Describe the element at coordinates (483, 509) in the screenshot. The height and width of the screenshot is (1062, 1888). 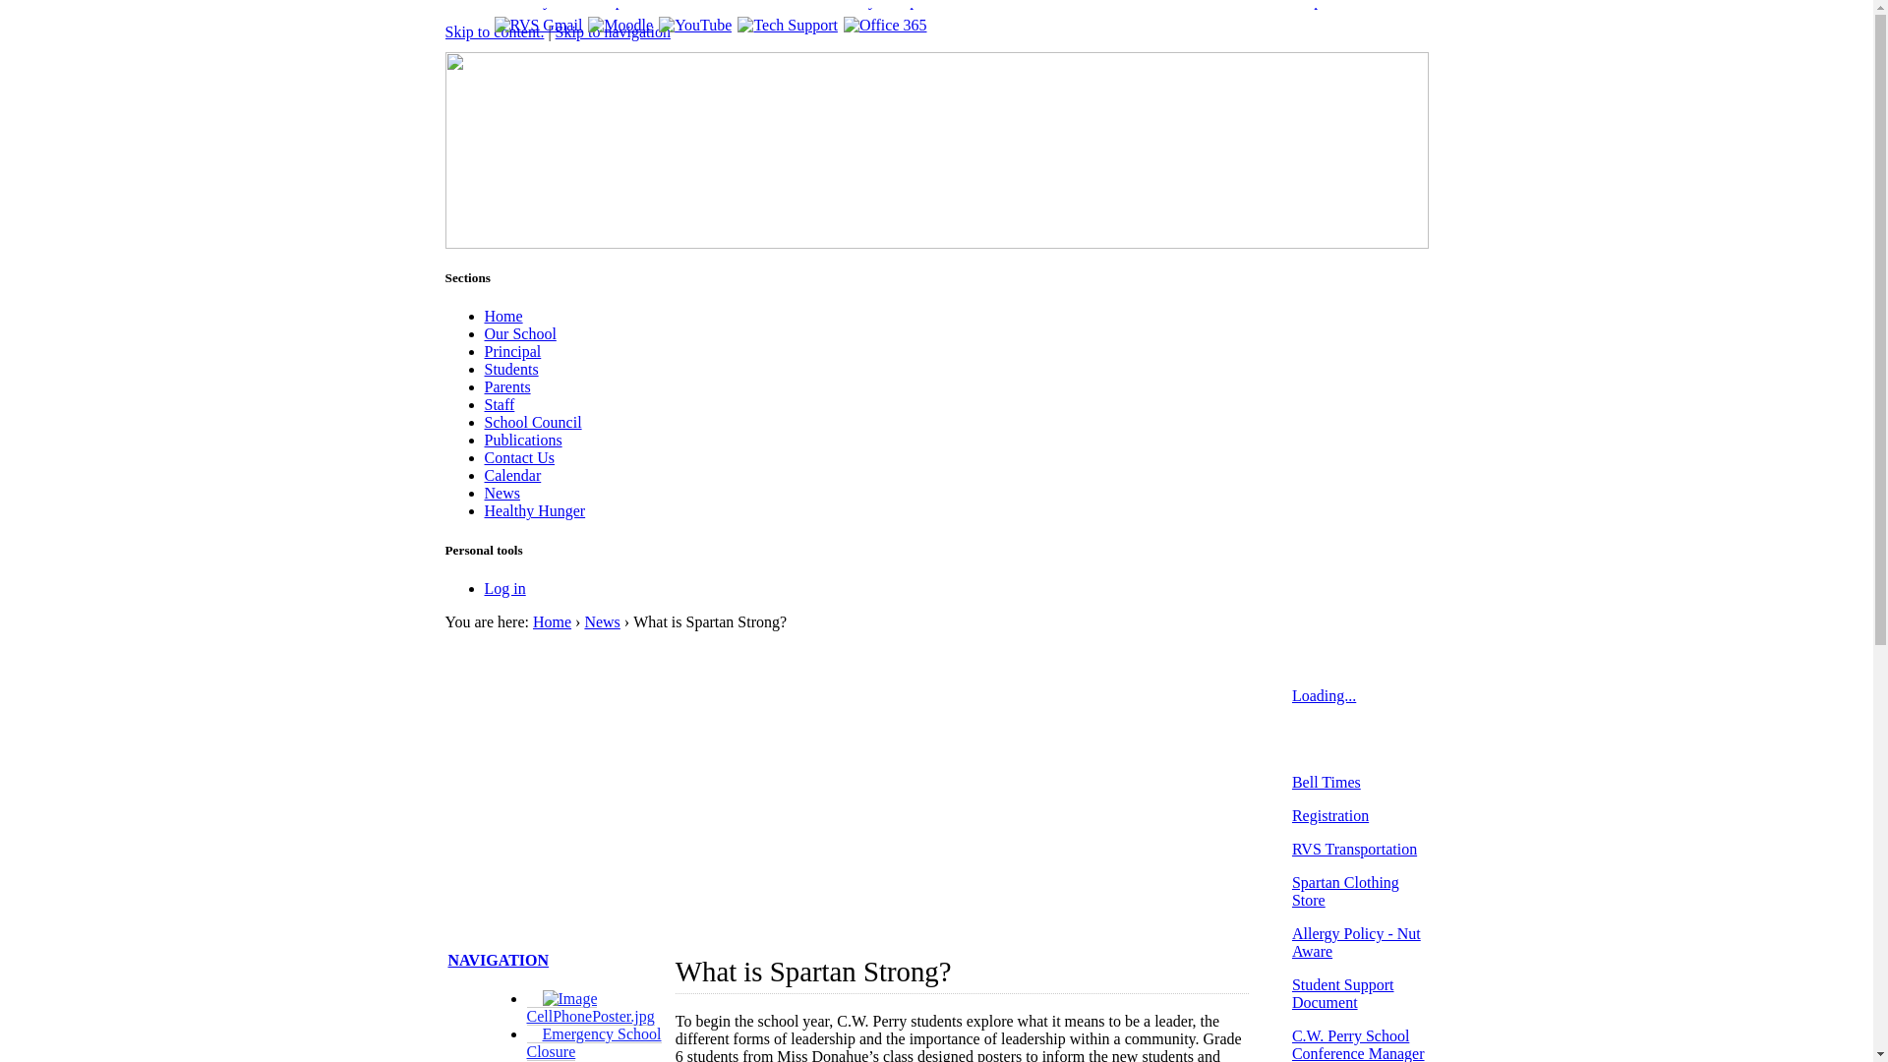
I see `'Healthy Hunger'` at that location.